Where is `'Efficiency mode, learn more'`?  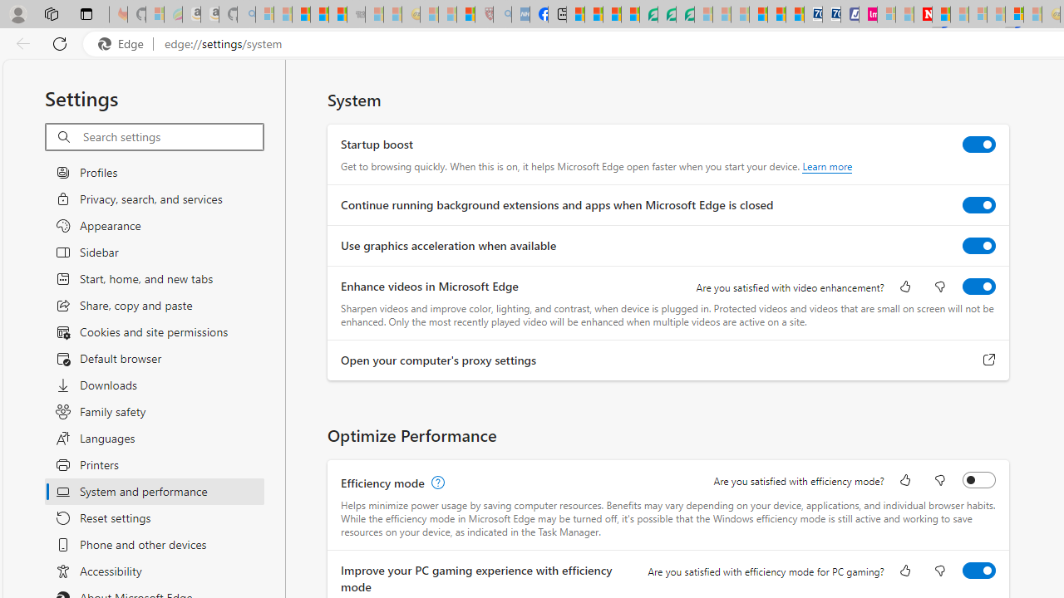 'Efficiency mode, learn more' is located at coordinates (436, 483).